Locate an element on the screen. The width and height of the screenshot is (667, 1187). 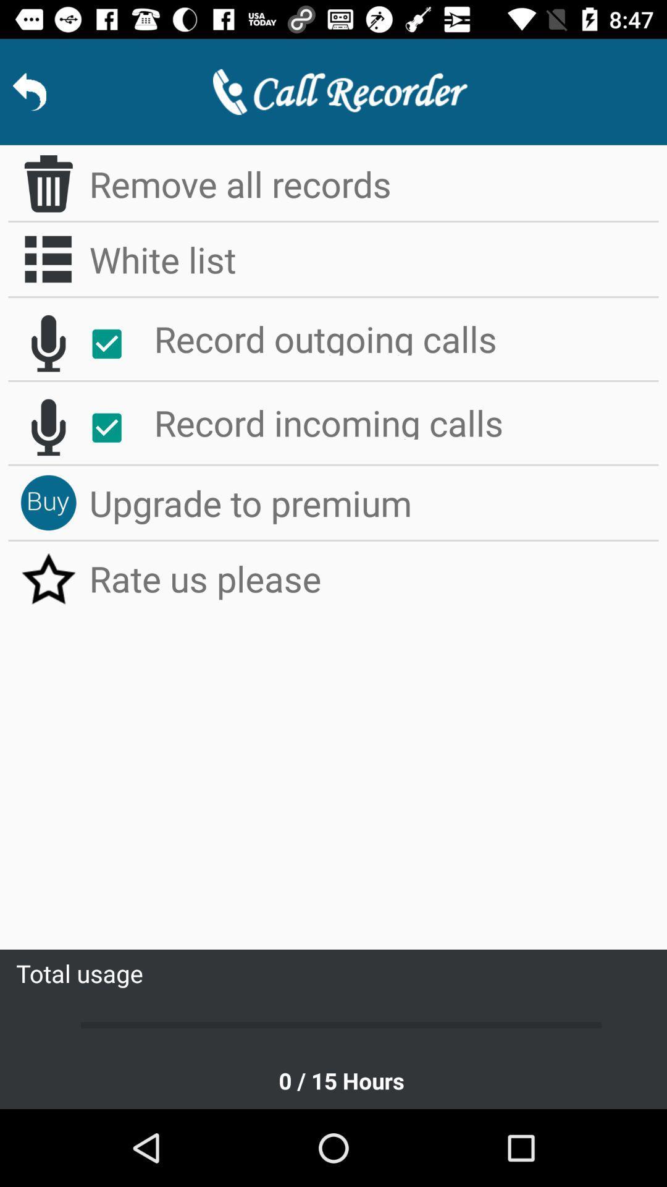
whitelist is located at coordinates (48, 258).